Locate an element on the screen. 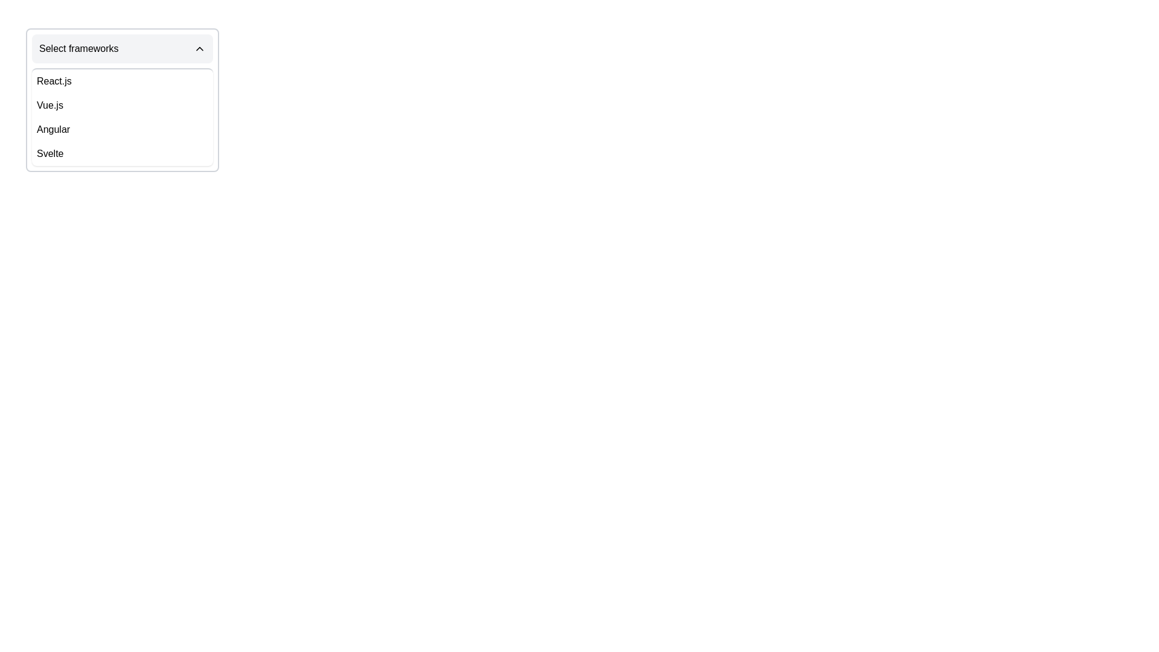 The width and height of the screenshot is (1159, 652). the 'Angular' list item is located at coordinates (122, 130).